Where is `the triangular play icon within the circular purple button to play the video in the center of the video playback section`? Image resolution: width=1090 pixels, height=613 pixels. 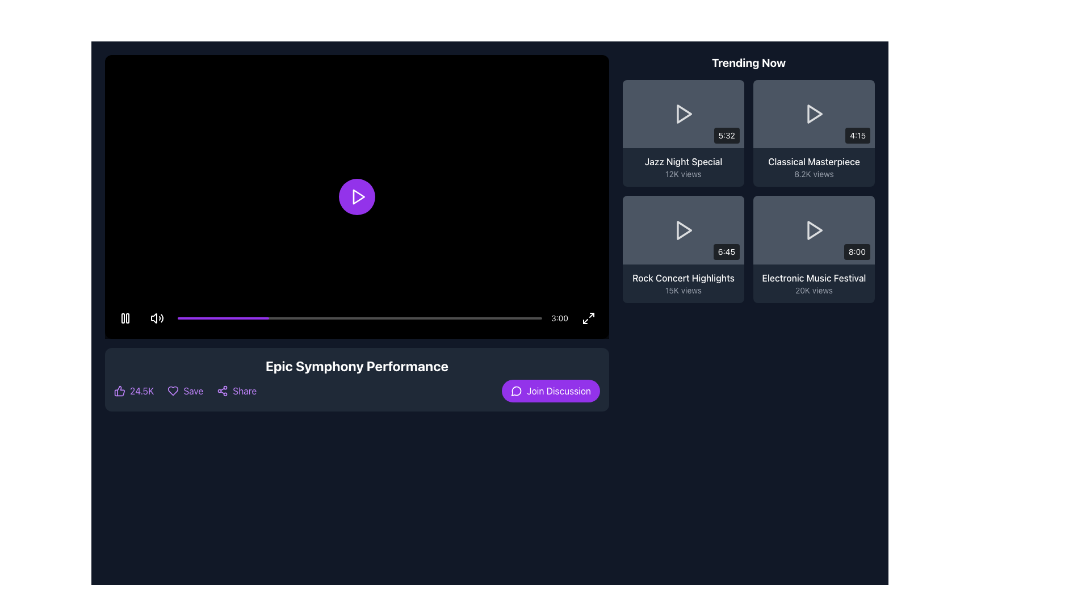 the triangular play icon within the circular purple button to play the video in the center of the video playback section is located at coordinates (357, 196).